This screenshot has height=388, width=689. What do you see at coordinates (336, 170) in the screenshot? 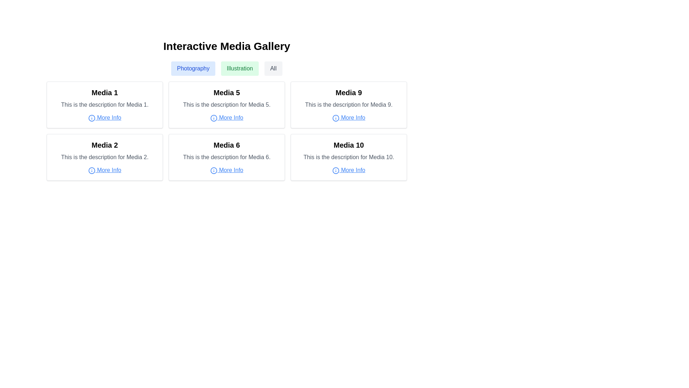
I see `the SVG circle that is part of the information icon for 'Media 10', which indicates additional details` at bounding box center [336, 170].